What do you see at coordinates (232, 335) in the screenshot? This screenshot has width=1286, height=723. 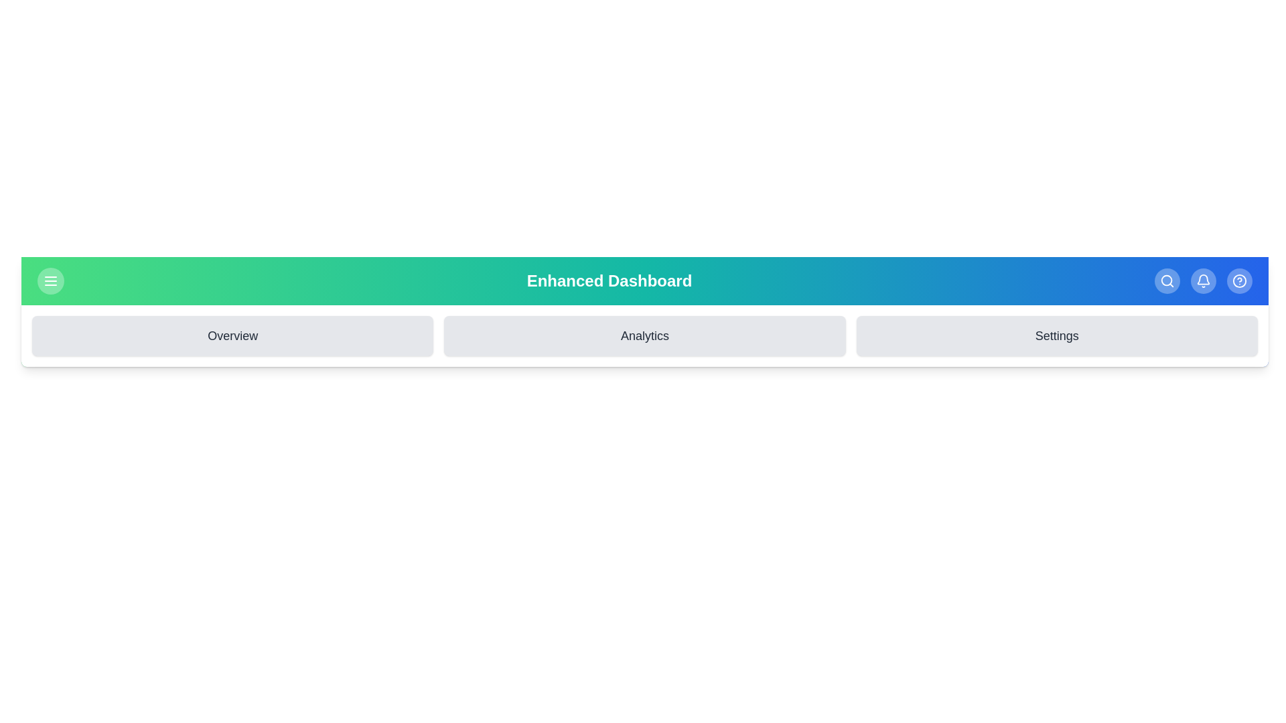 I see `the 'Overview' section to navigate to it` at bounding box center [232, 335].